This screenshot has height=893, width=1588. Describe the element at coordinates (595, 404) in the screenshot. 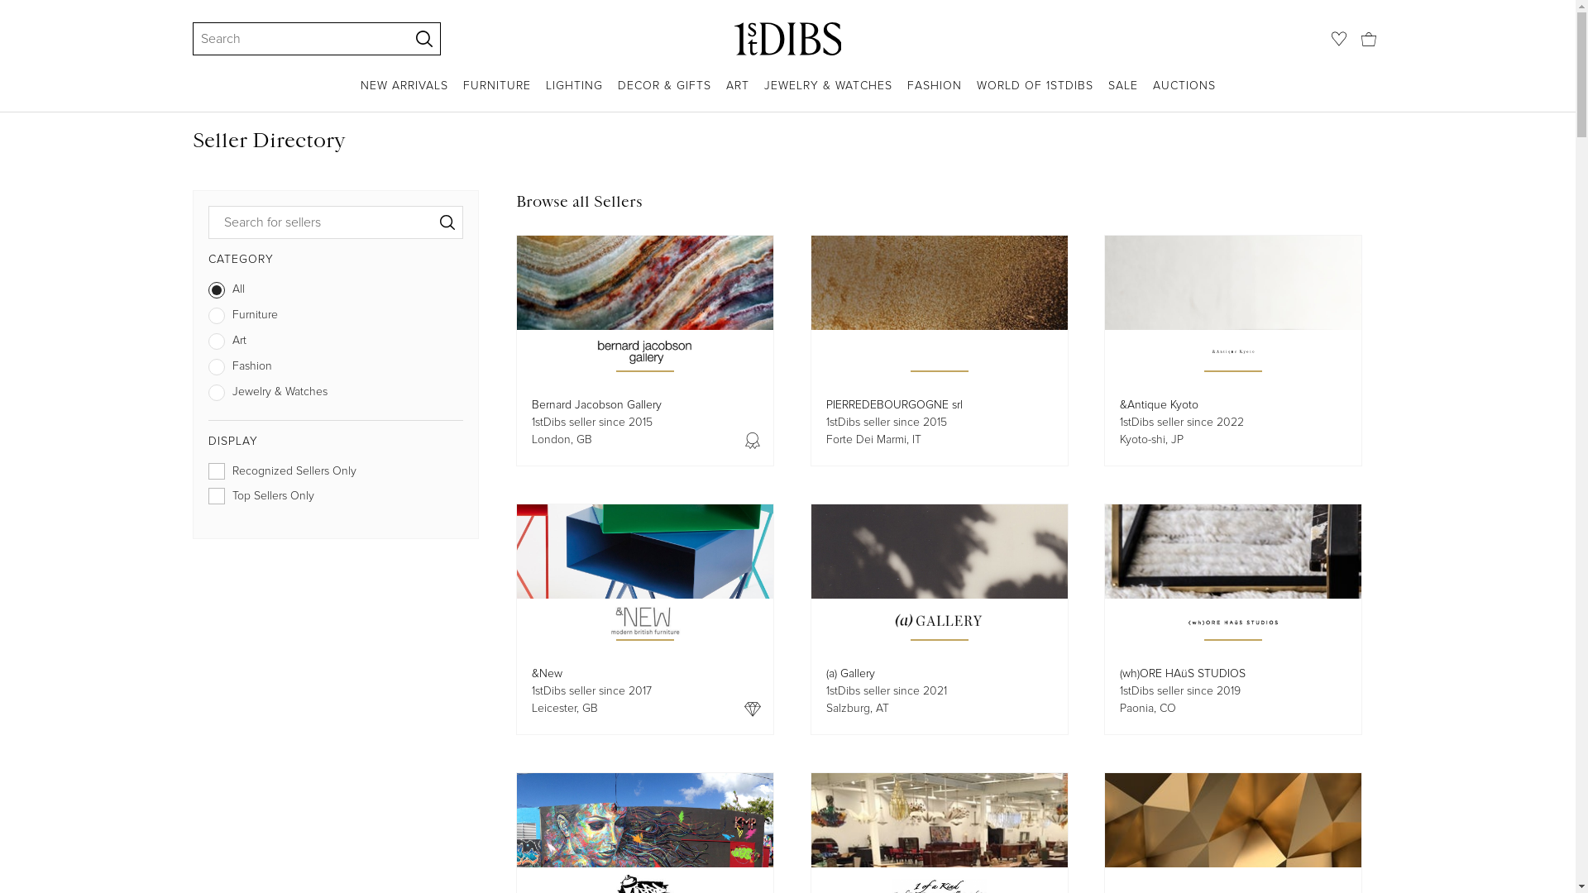

I see `'Bernard Jacobson Gallery'` at that location.